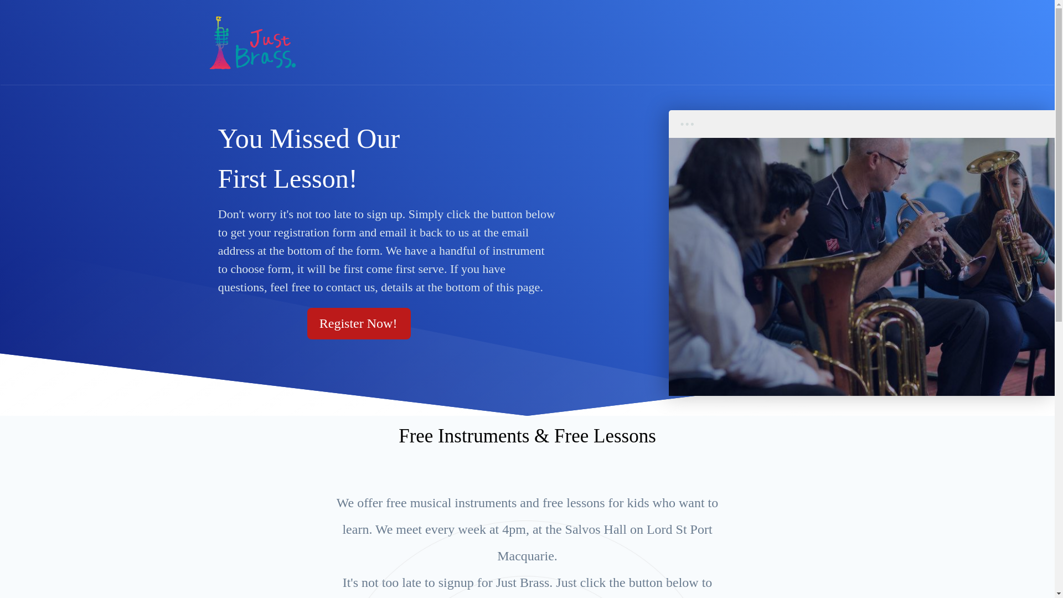 Image resolution: width=1063 pixels, height=598 pixels. Describe the element at coordinates (307, 323) in the screenshot. I see `'Register Now!'` at that location.